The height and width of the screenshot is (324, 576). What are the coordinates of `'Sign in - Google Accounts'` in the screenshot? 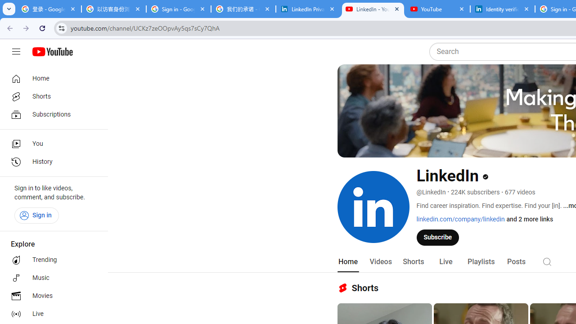 It's located at (178, 9).